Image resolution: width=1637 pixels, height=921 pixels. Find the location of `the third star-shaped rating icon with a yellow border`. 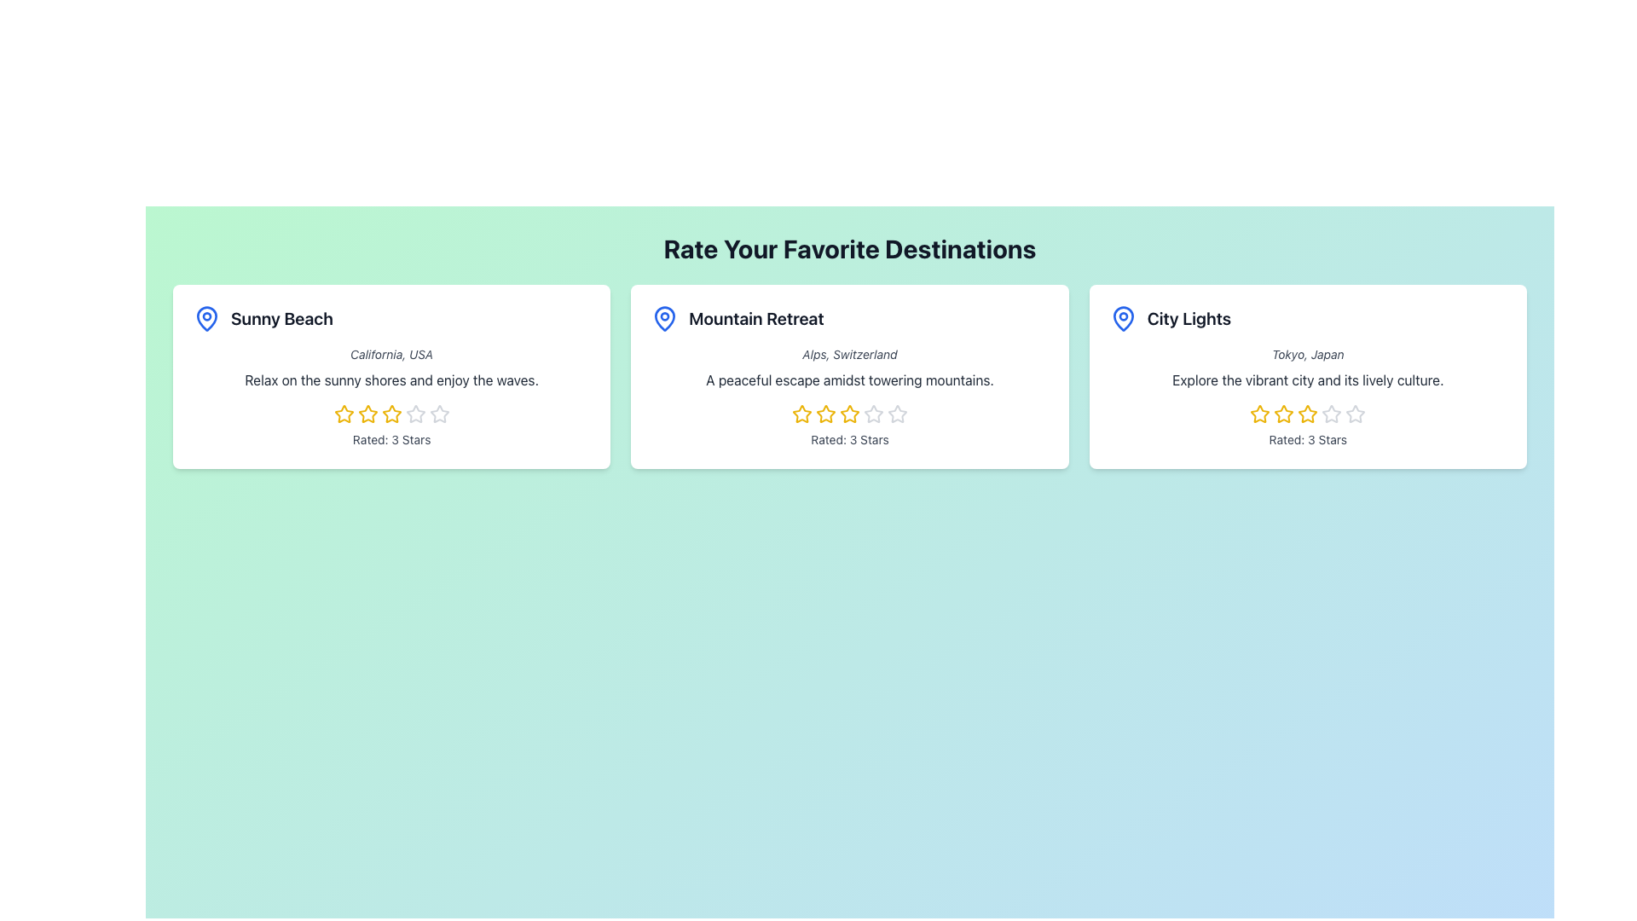

the third star-shaped rating icon with a yellow border is located at coordinates (390, 414).